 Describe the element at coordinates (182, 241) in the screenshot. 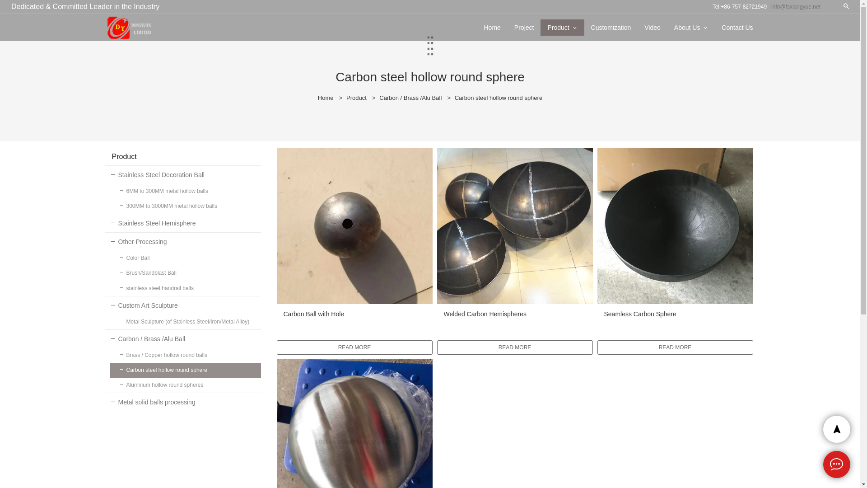

I see `'Other Processing'` at that location.